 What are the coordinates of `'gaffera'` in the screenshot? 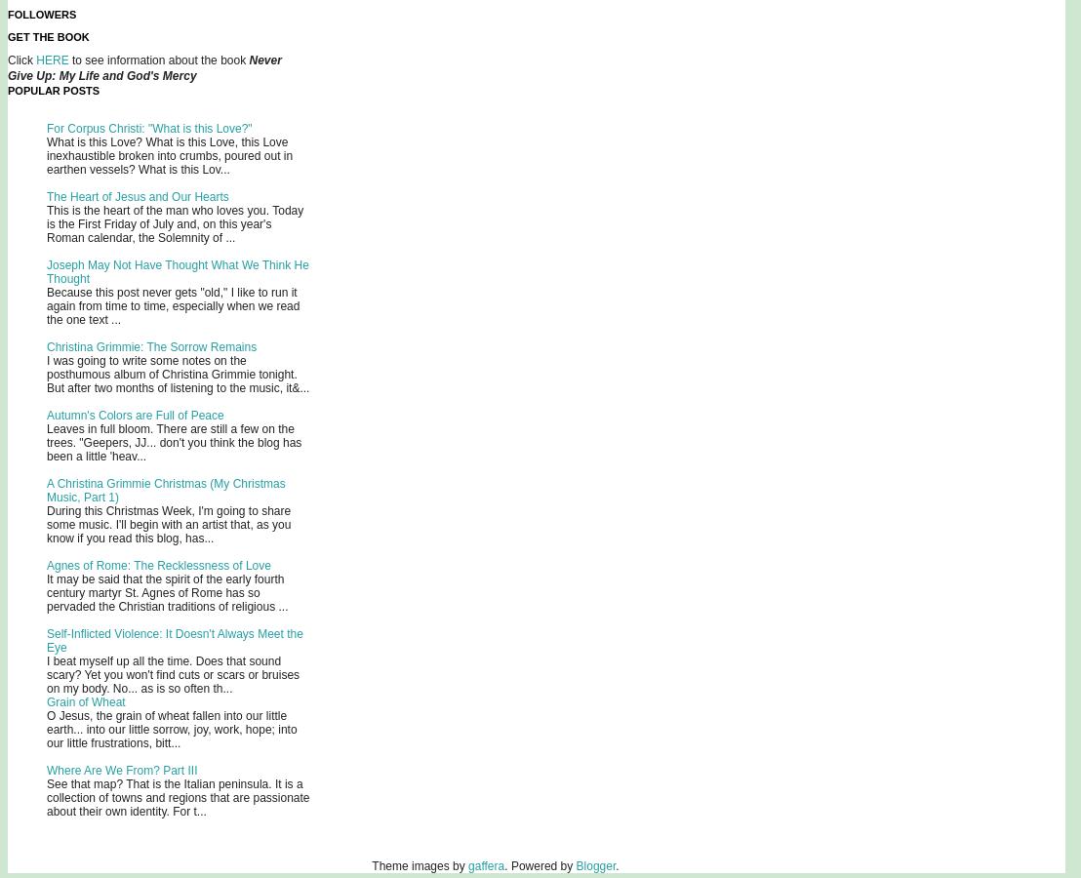 It's located at (486, 866).